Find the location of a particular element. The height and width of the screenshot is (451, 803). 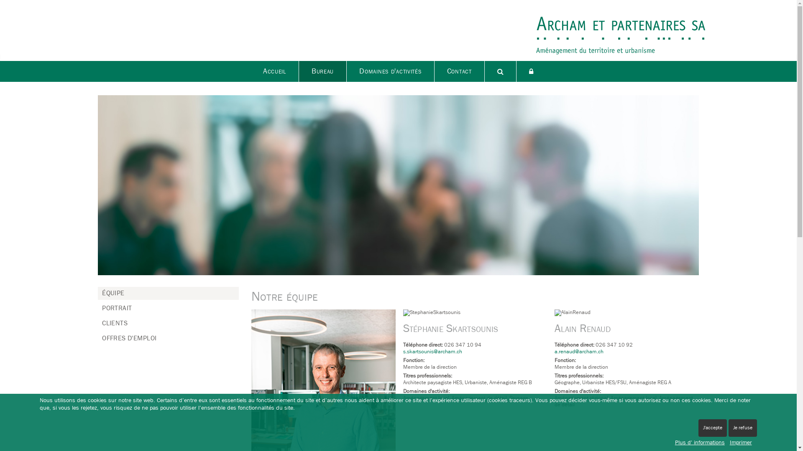

'OFFRES D'EMPLOI' is located at coordinates (128, 338).